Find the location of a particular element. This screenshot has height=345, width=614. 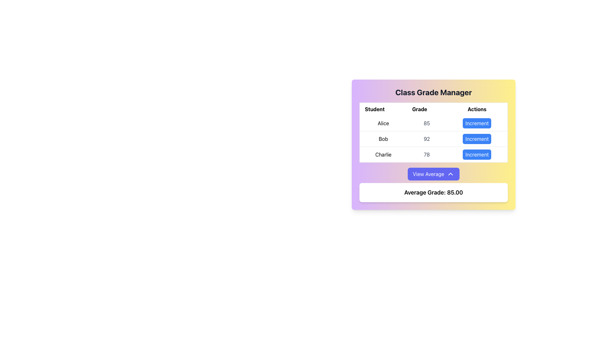

the 'Actions' column header in the table that labels the interactive elements for each student is located at coordinates (477, 109).